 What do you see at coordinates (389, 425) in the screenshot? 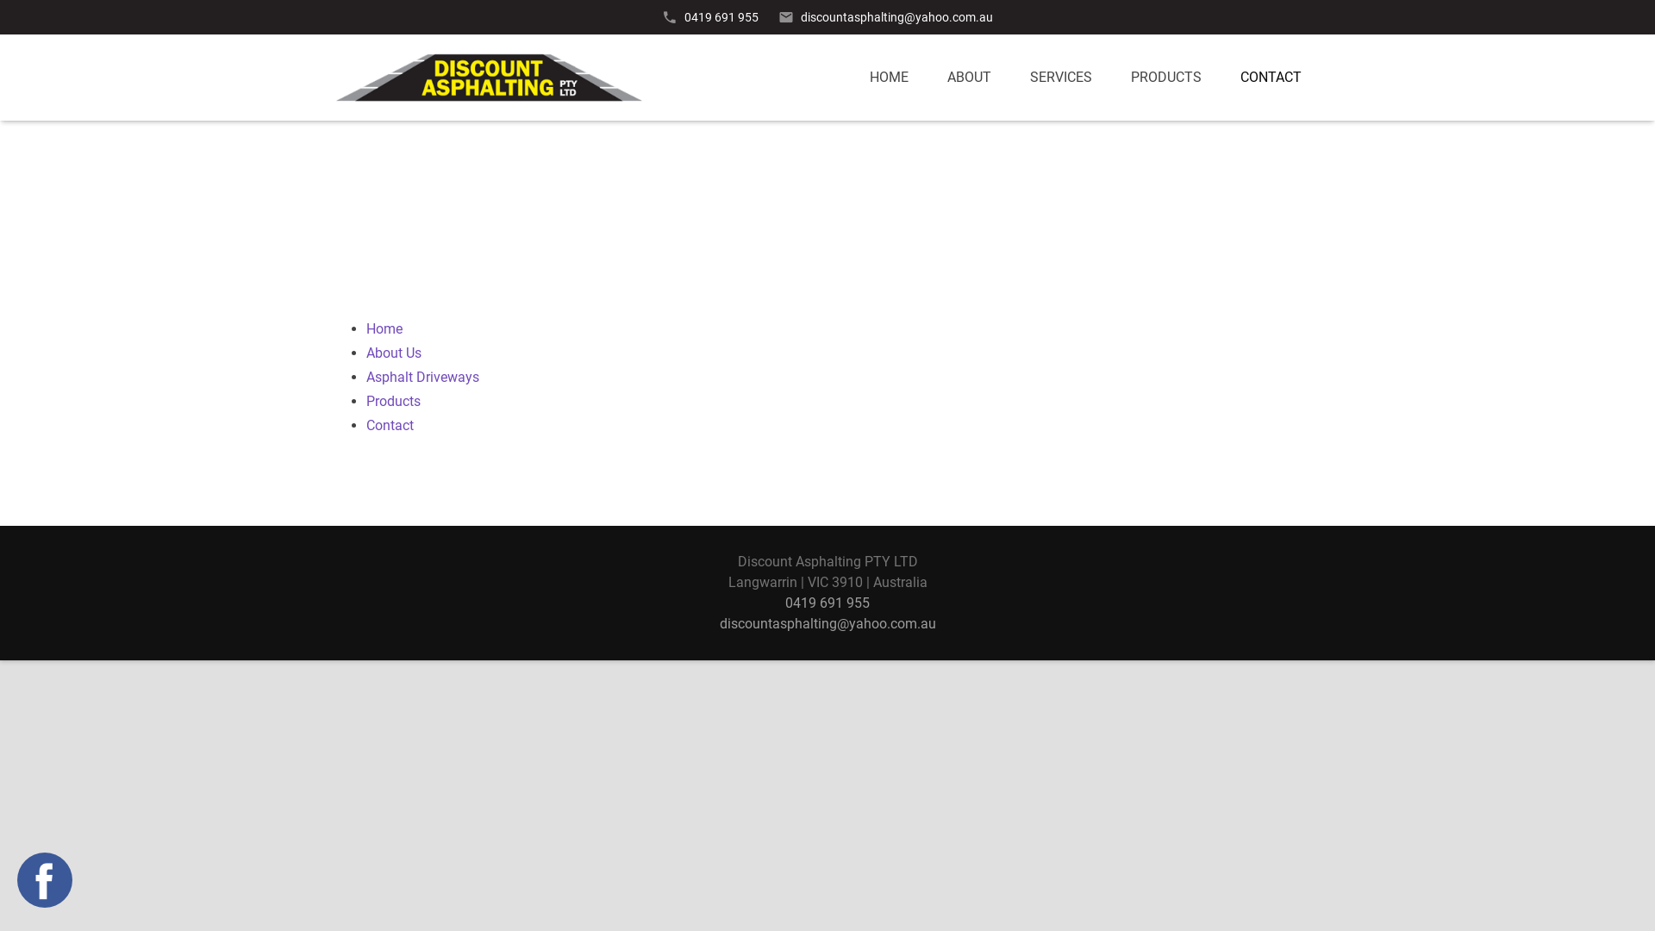
I see `'Contact'` at bounding box center [389, 425].